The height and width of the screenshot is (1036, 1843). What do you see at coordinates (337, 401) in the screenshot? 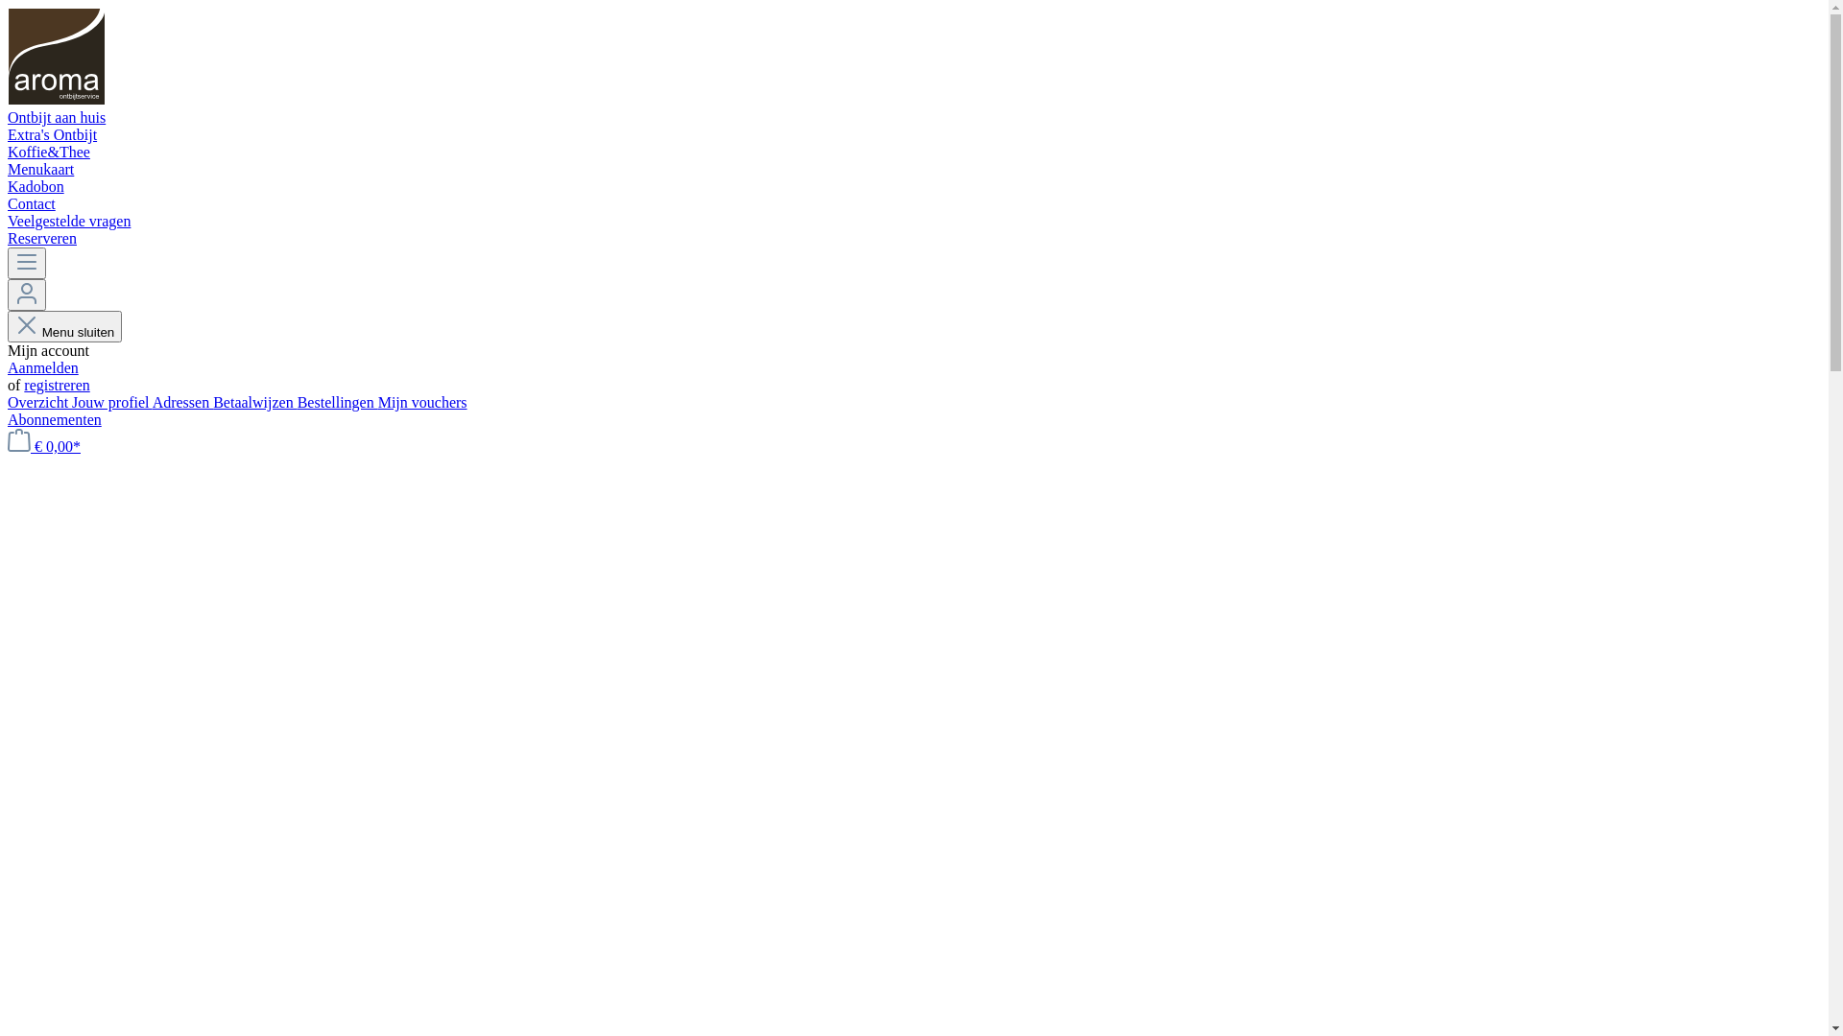
I see `'Bestellingen'` at bounding box center [337, 401].